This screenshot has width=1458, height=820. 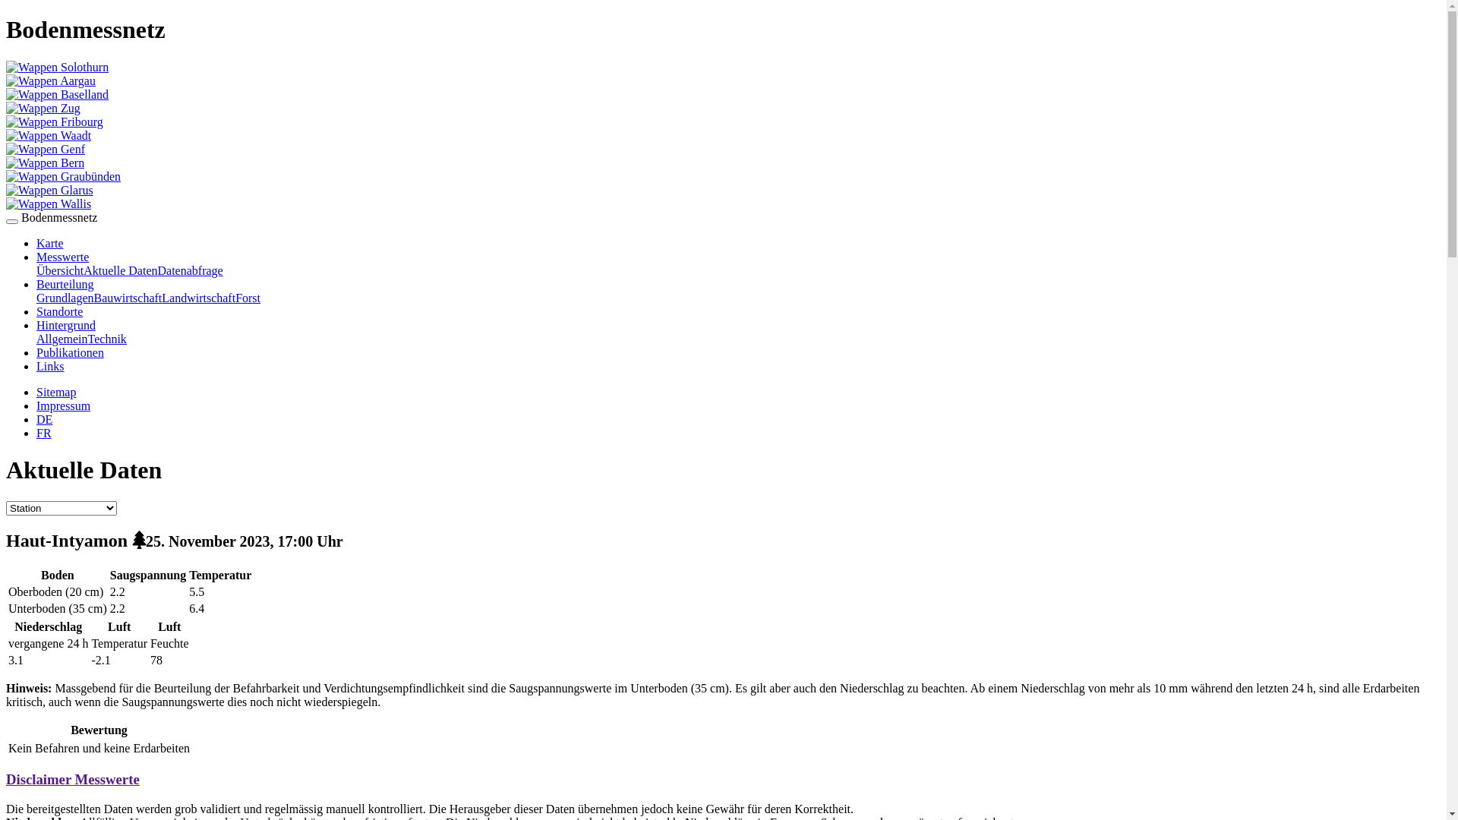 I want to click on 'Kanton Solothurn', so click(x=57, y=66).